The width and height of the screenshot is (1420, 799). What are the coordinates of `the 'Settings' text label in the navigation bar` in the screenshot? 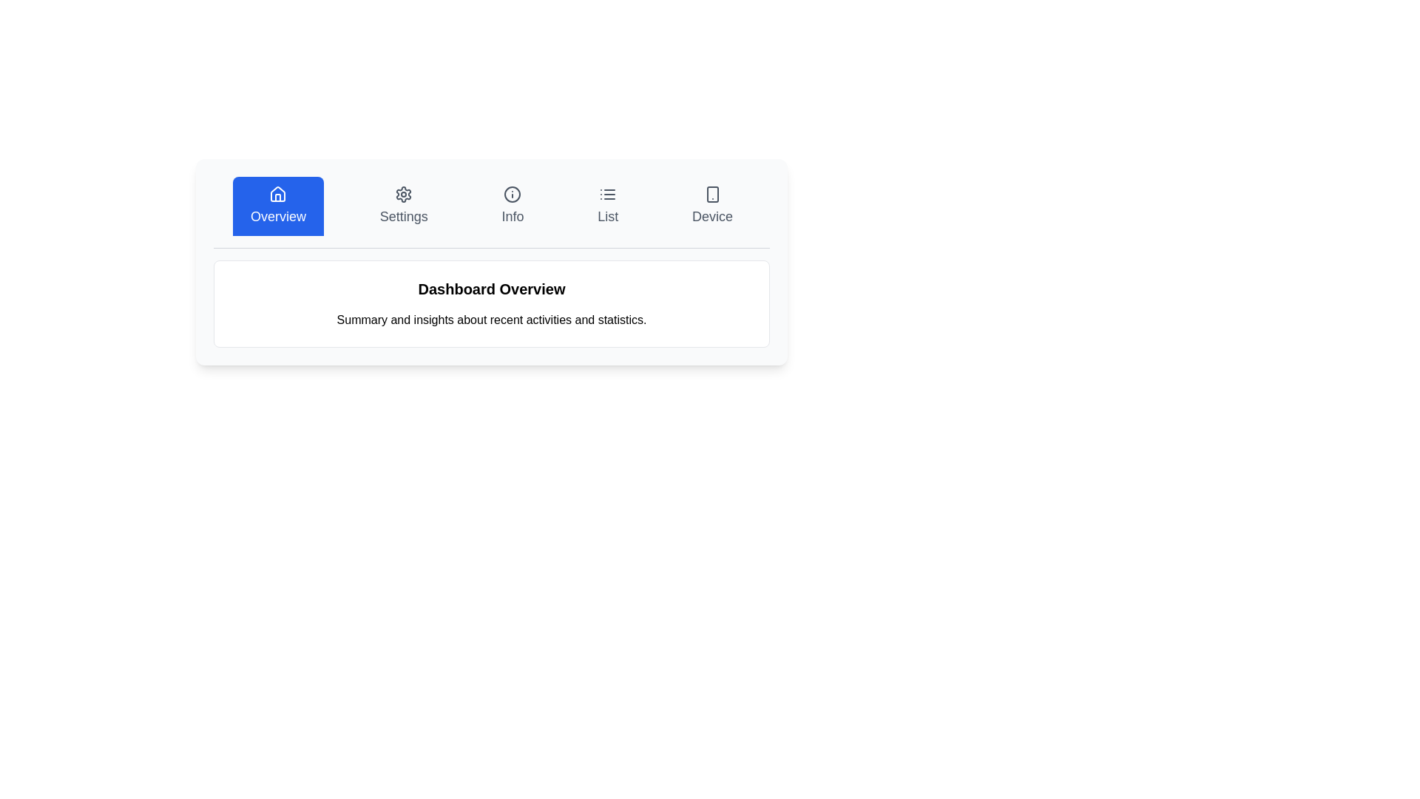 It's located at (404, 217).